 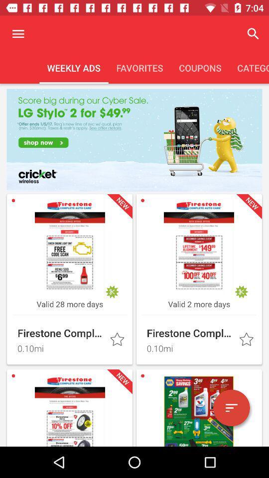 I want to click on the filter_list icon, so click(x=231, y=408).